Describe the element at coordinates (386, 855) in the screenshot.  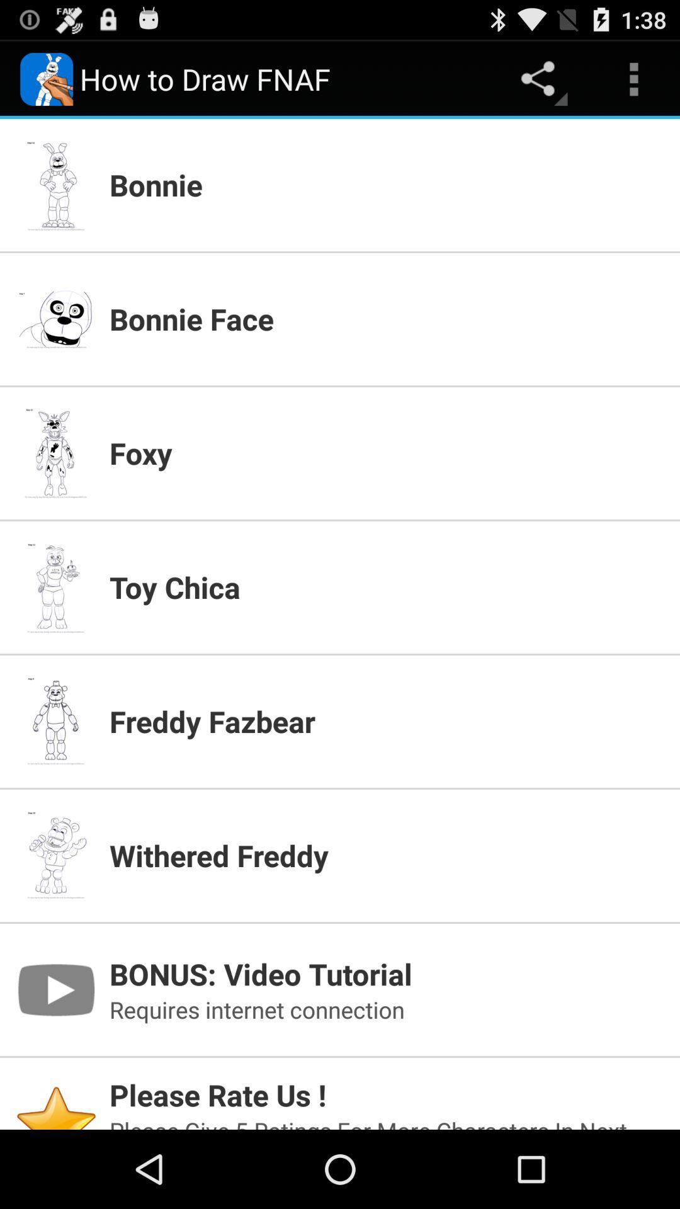
I see `withered freddy` at that location.